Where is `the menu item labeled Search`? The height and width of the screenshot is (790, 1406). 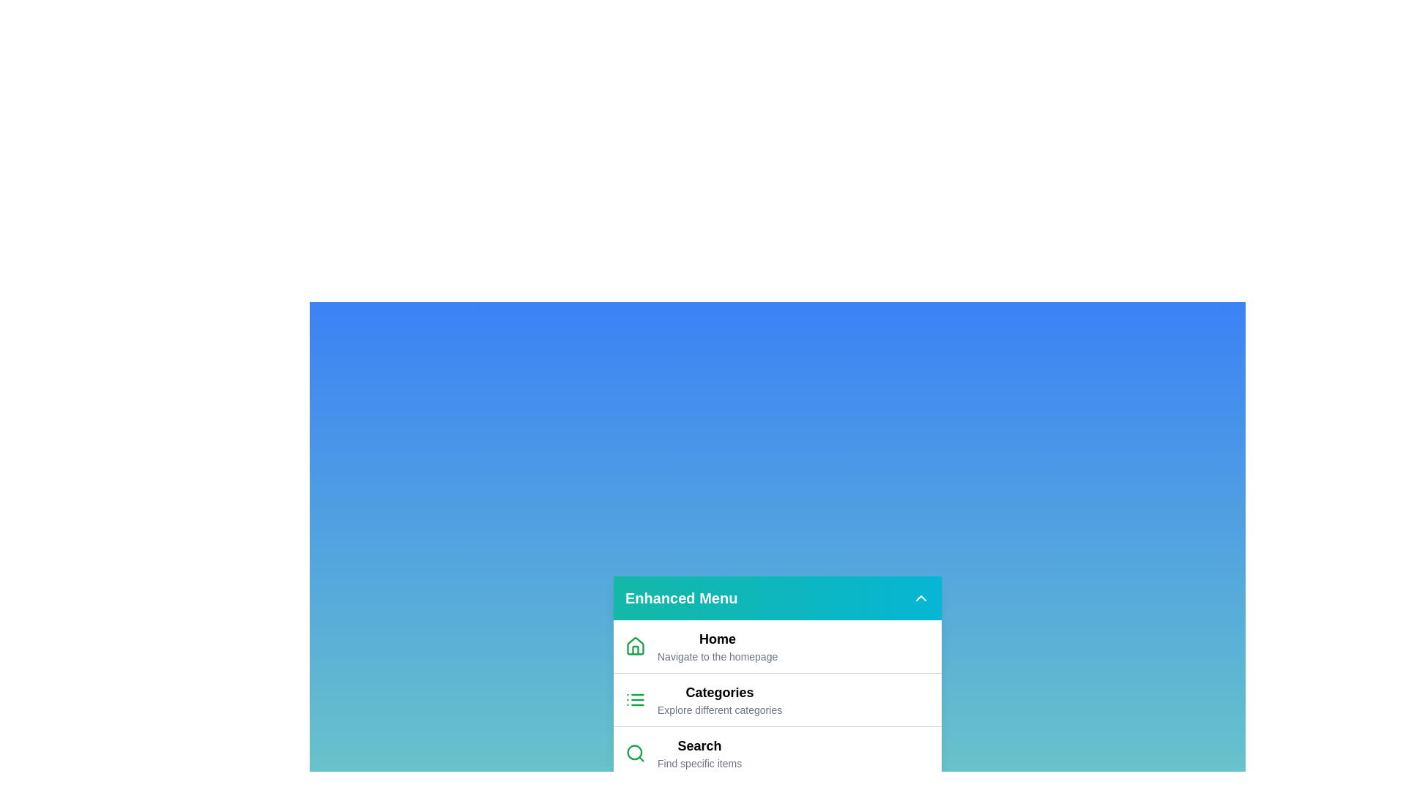 the menu item labeled Search is located at coordinates (695, 753).